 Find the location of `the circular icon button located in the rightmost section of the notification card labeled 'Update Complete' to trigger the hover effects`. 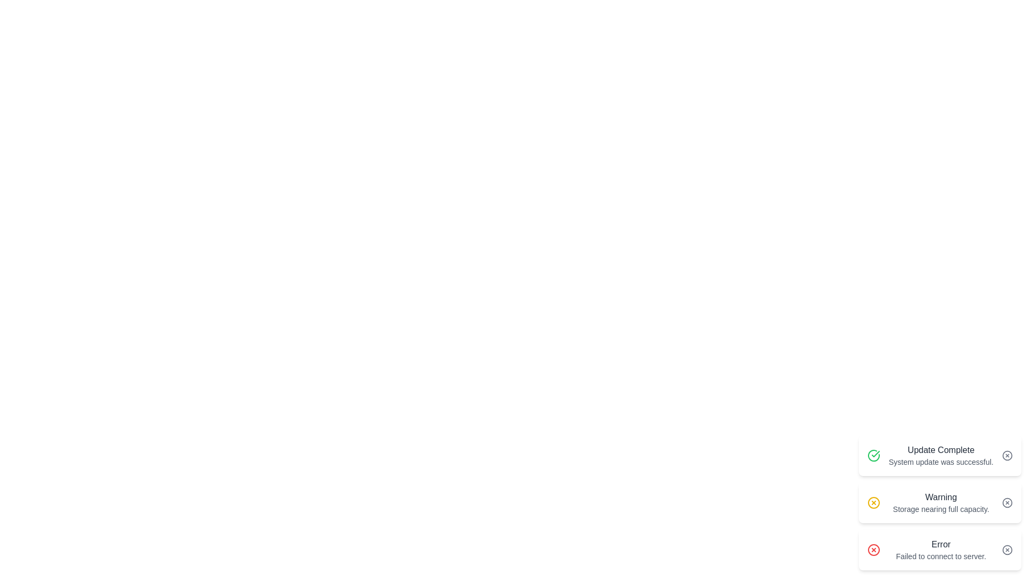

the circular icon button located in the rightmost section of the notification card labeled 'Update Complete' to trigger the hover effects is located at coordinates (1006, 455).